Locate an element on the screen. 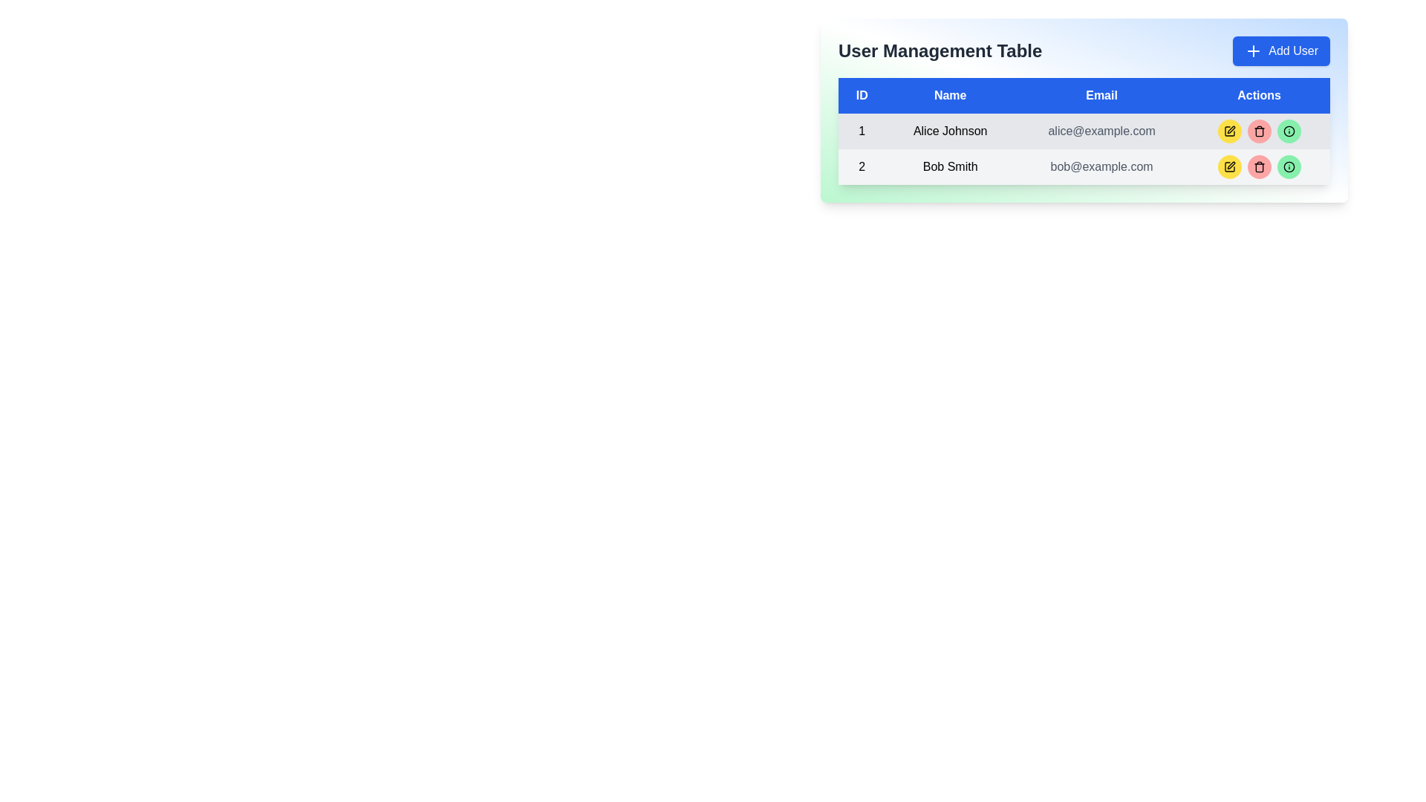  the delete button located in the 'Actions' column for 'Alice Johnson' in the User Management Table is located at coordinates (1258, 131).